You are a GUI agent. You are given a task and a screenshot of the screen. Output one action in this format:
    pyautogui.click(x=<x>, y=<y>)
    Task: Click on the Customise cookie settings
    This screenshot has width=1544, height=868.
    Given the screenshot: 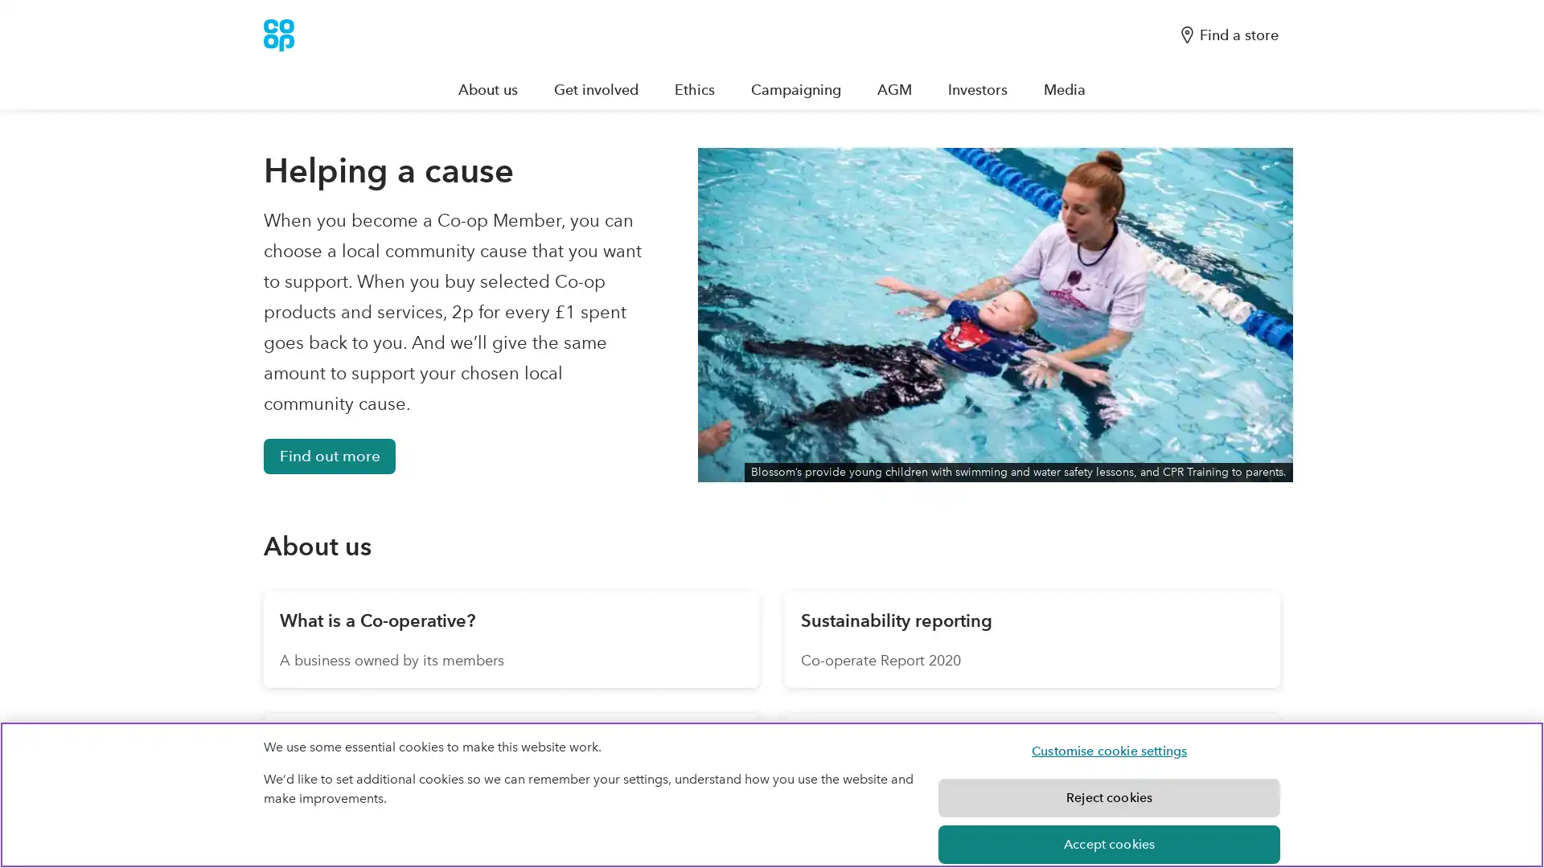 What is the action you would take?
    pyautogui.click(x=1107, y=751)
    